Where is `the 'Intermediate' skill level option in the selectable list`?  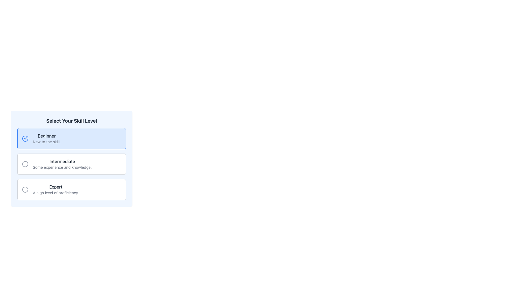
the 'Intermediate' skill level option in the selectable list is located at coordinates (62, 164).